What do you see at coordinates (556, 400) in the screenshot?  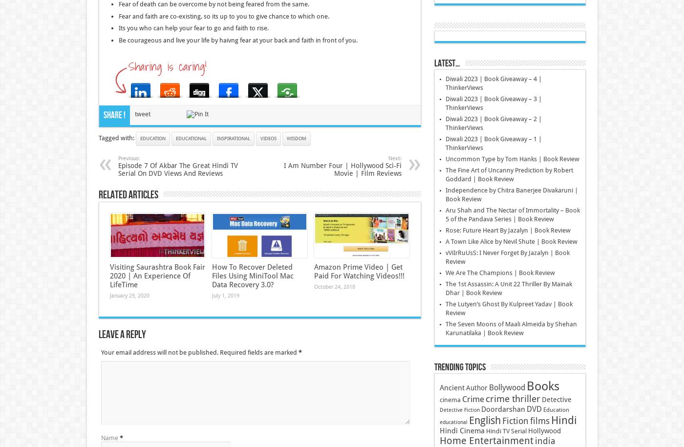 I see `'Detective'` at bounding box center [556, 400].